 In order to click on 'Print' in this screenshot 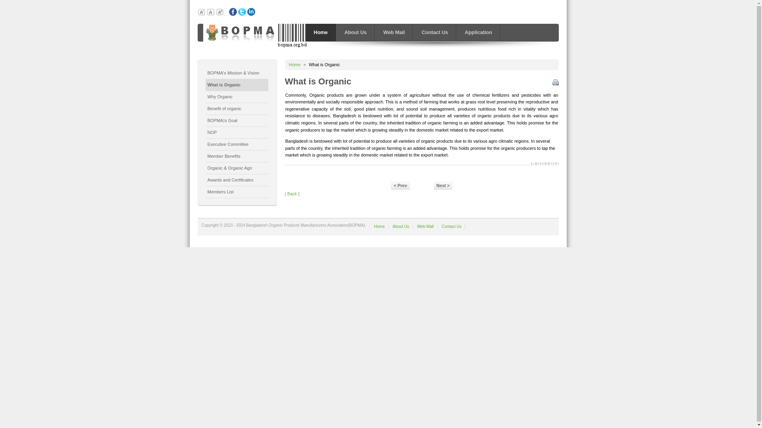, I will do `click(555, 81)`.